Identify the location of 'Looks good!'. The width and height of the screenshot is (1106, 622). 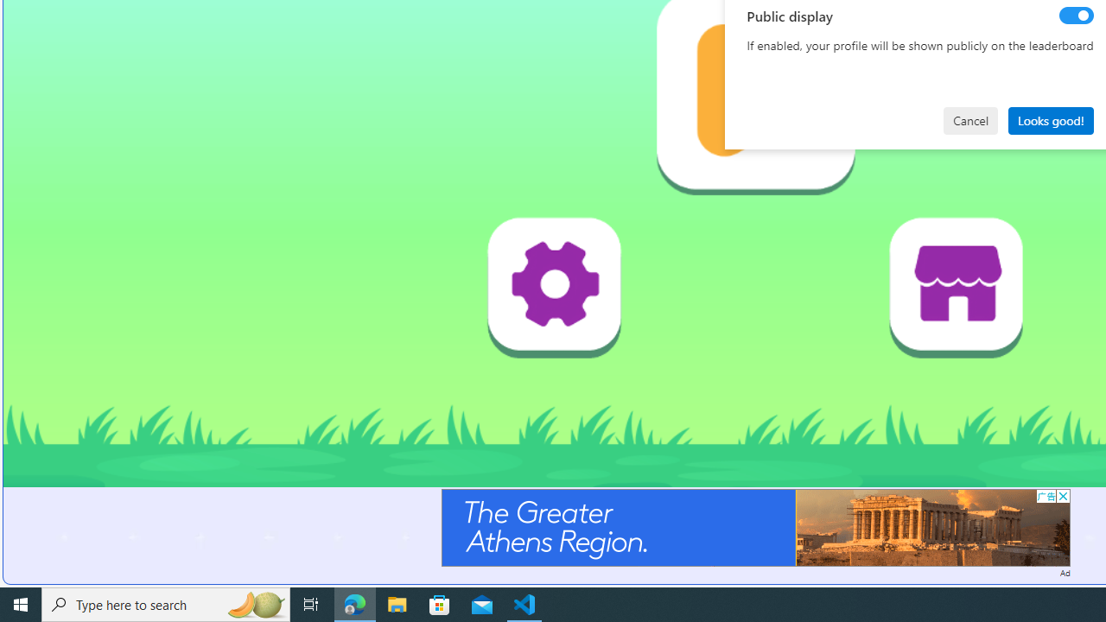
(1050, 119).